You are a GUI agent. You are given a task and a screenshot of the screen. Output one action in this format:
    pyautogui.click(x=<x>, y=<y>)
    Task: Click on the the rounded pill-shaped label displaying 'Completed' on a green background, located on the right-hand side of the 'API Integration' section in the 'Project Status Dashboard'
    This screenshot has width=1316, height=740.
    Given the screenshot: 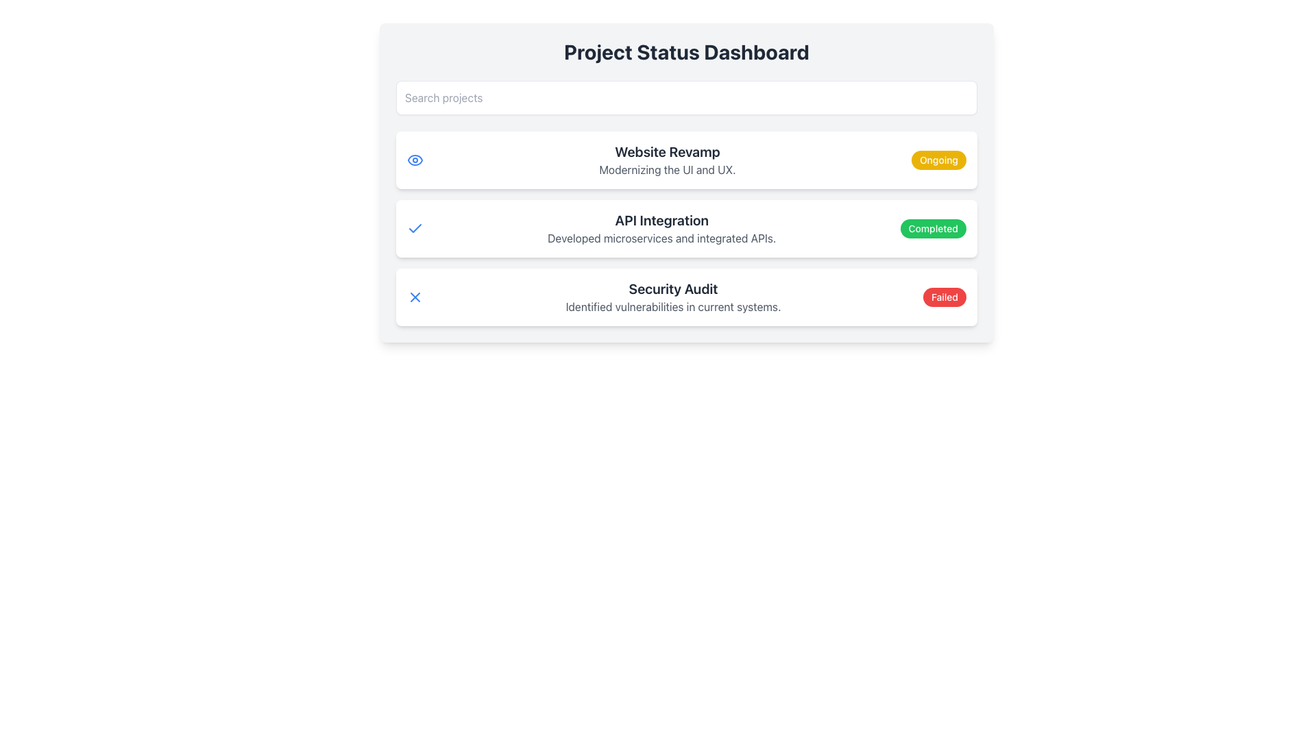 What is the action you would take?
    pyautogui.click(x=932, y=228)
    